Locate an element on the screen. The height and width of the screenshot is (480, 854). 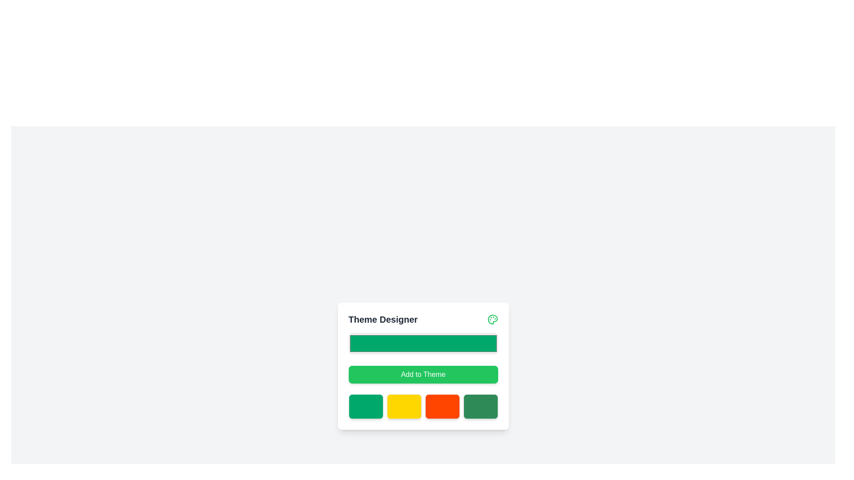
the vibrant red color block with rounded corners located in the third position of the grid layout is located at coordinates (442, 406).